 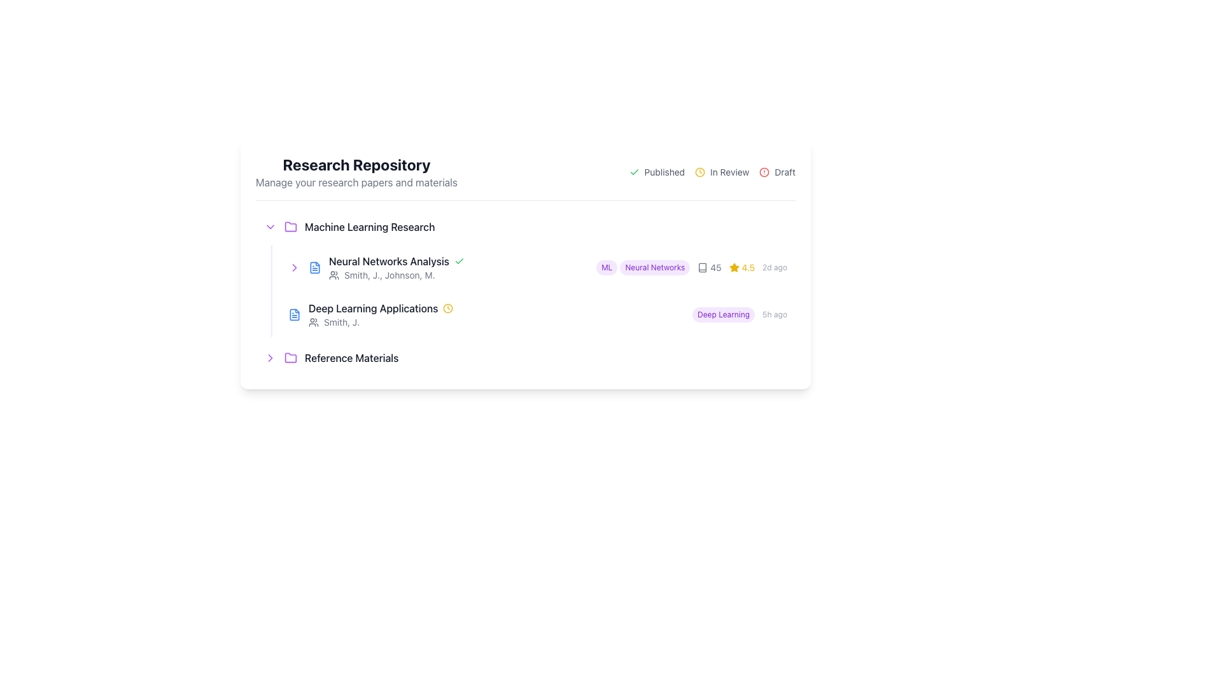 What do you see at coordinates (293, 314) in the screenshot?
I see `the document icon located at the leftmost side of the list item labeled 'Deep Learning Applications, Smith, J.' in the 'Research Repository'` at bounding box center [293, 314].